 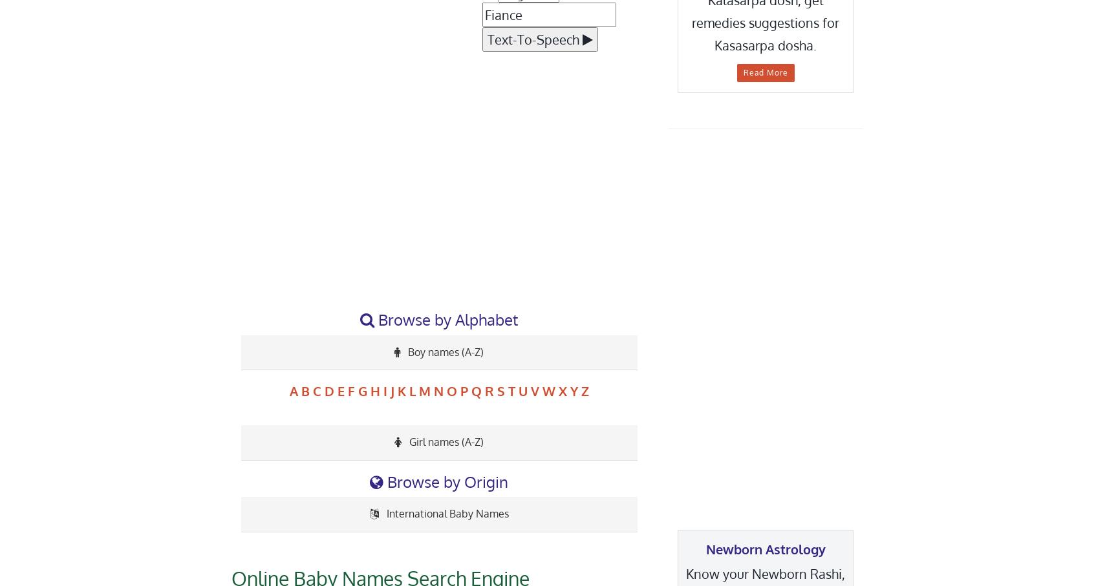 I want to click on 'Browse by Origin', so click(x=446, y=480).